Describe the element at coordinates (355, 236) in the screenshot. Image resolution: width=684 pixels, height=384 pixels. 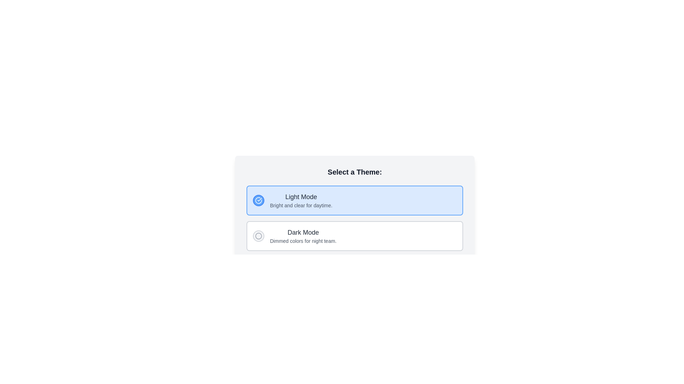
I see `the second selectable card for 'Dark Mode' in the theme selection interface to choose this dimmed color option for nighttime viewing` at that location.